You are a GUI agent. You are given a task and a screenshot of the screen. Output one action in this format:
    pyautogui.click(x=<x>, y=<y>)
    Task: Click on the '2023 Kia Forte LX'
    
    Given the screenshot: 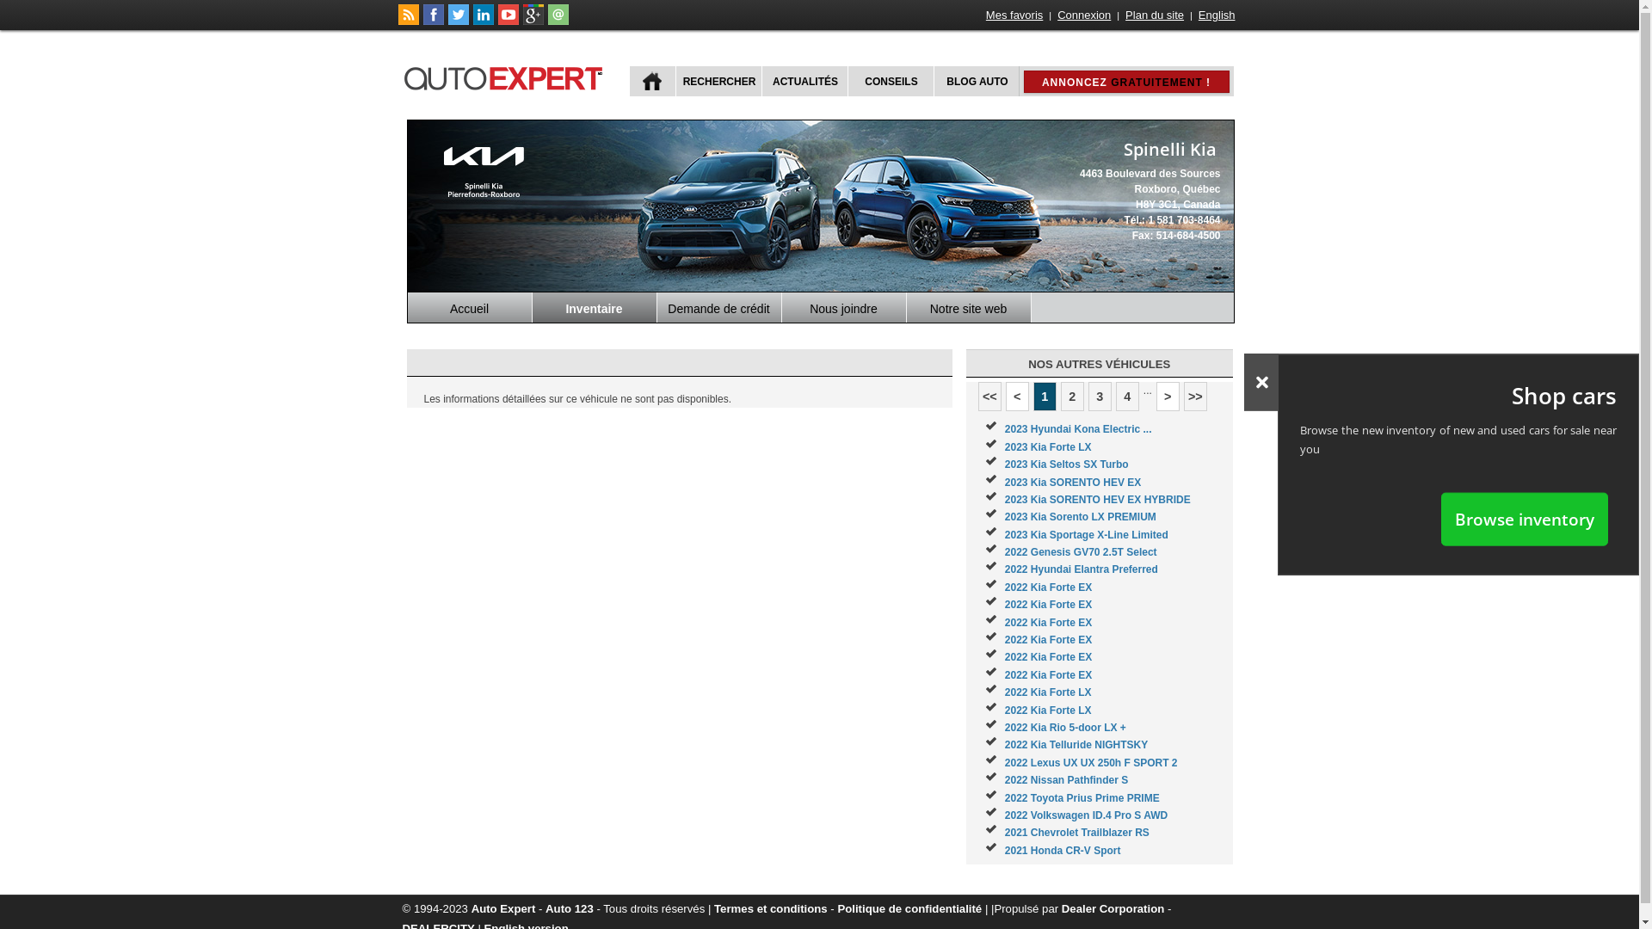 What is the action you would take?
    pyautogui.click(x=1047, y=446)
    